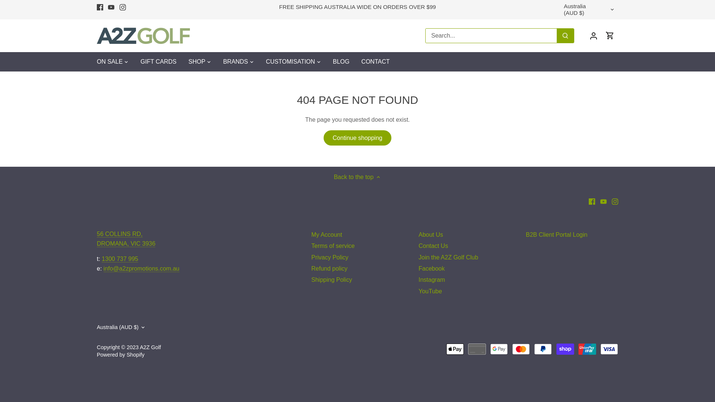 Image resolution: width=715 pixels, height=402 pixels. I want to click on 'Shipping Policy', so click(311, 280).